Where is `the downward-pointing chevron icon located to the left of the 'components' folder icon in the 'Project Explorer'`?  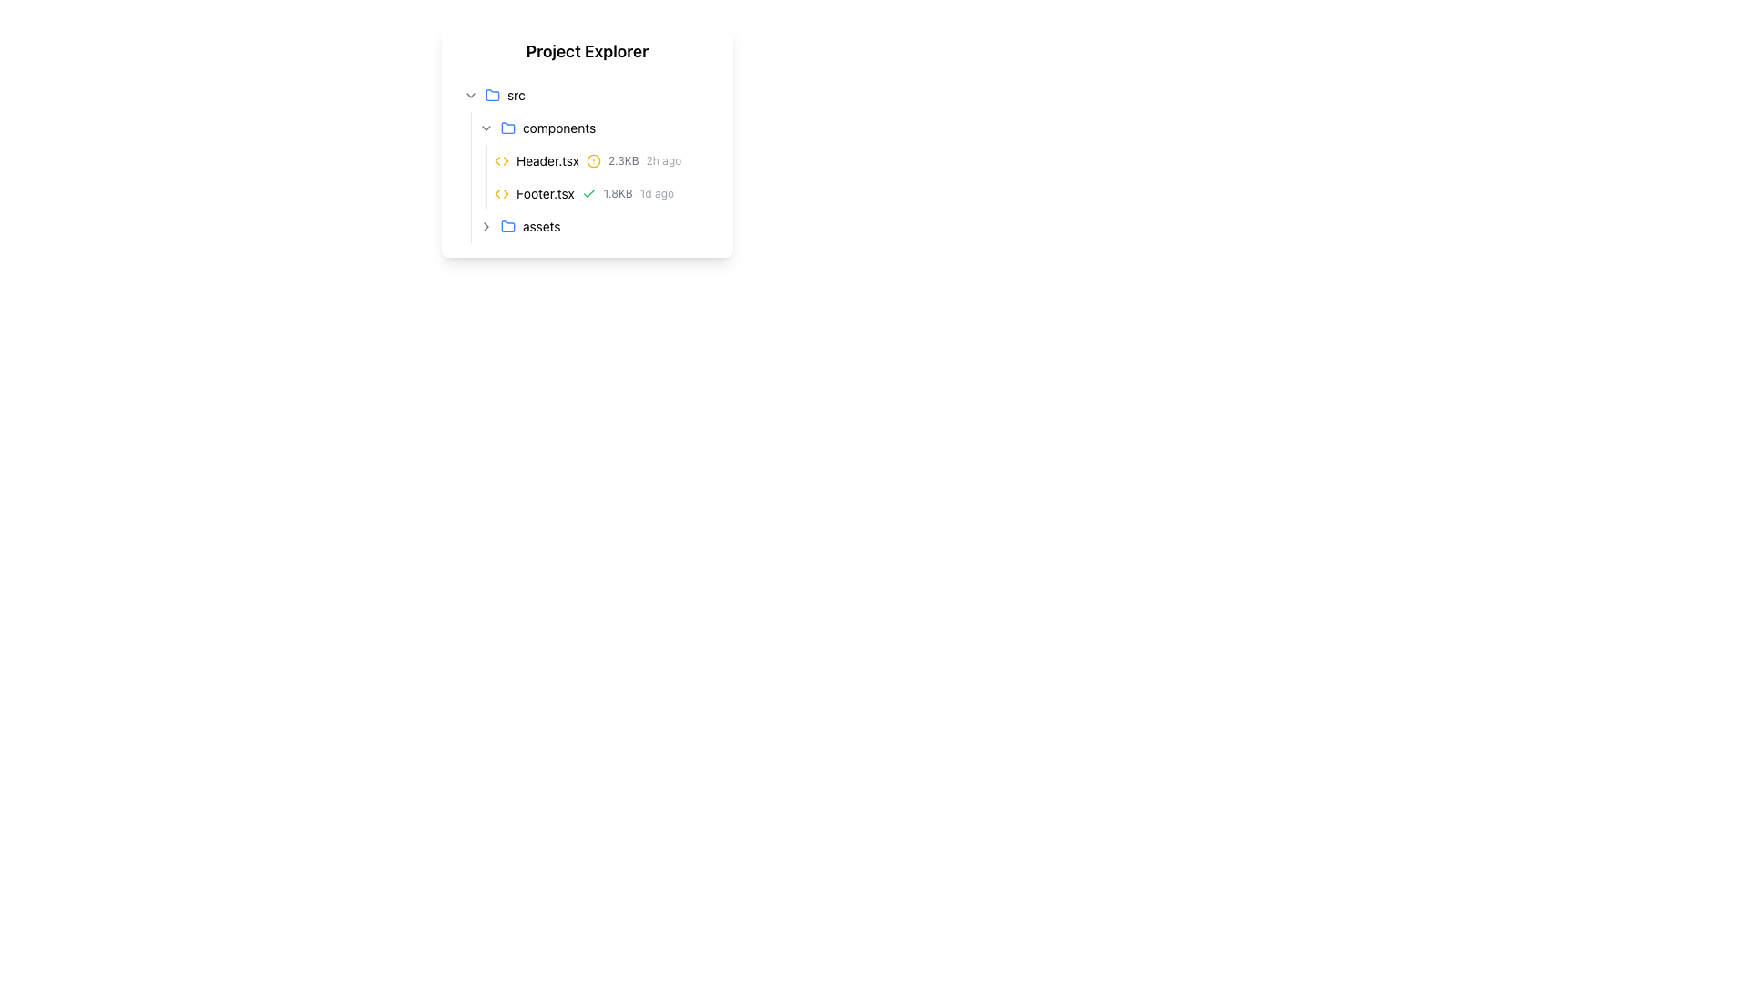 the downward-pointing chevron icon located to the left of the 'components' folder icon in the 'Project Explorer' is located at coordinates (486, 128).